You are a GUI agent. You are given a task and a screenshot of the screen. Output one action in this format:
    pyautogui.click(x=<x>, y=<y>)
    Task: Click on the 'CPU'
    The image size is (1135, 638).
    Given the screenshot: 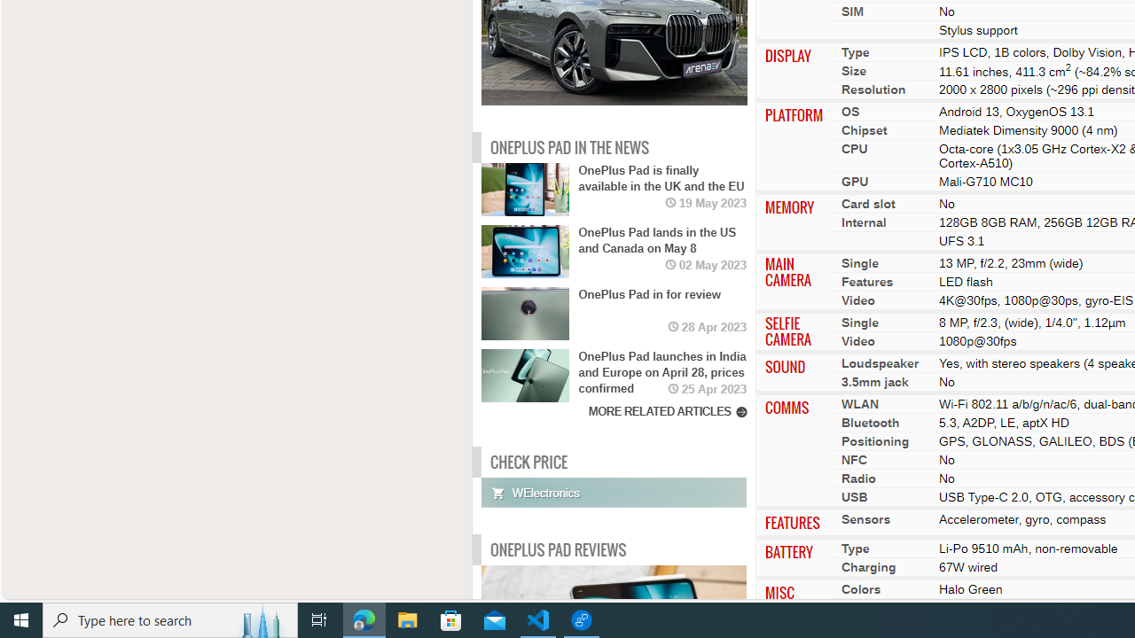 What is the action you would take?
    pyautogui.click(x=854, y=148)
    